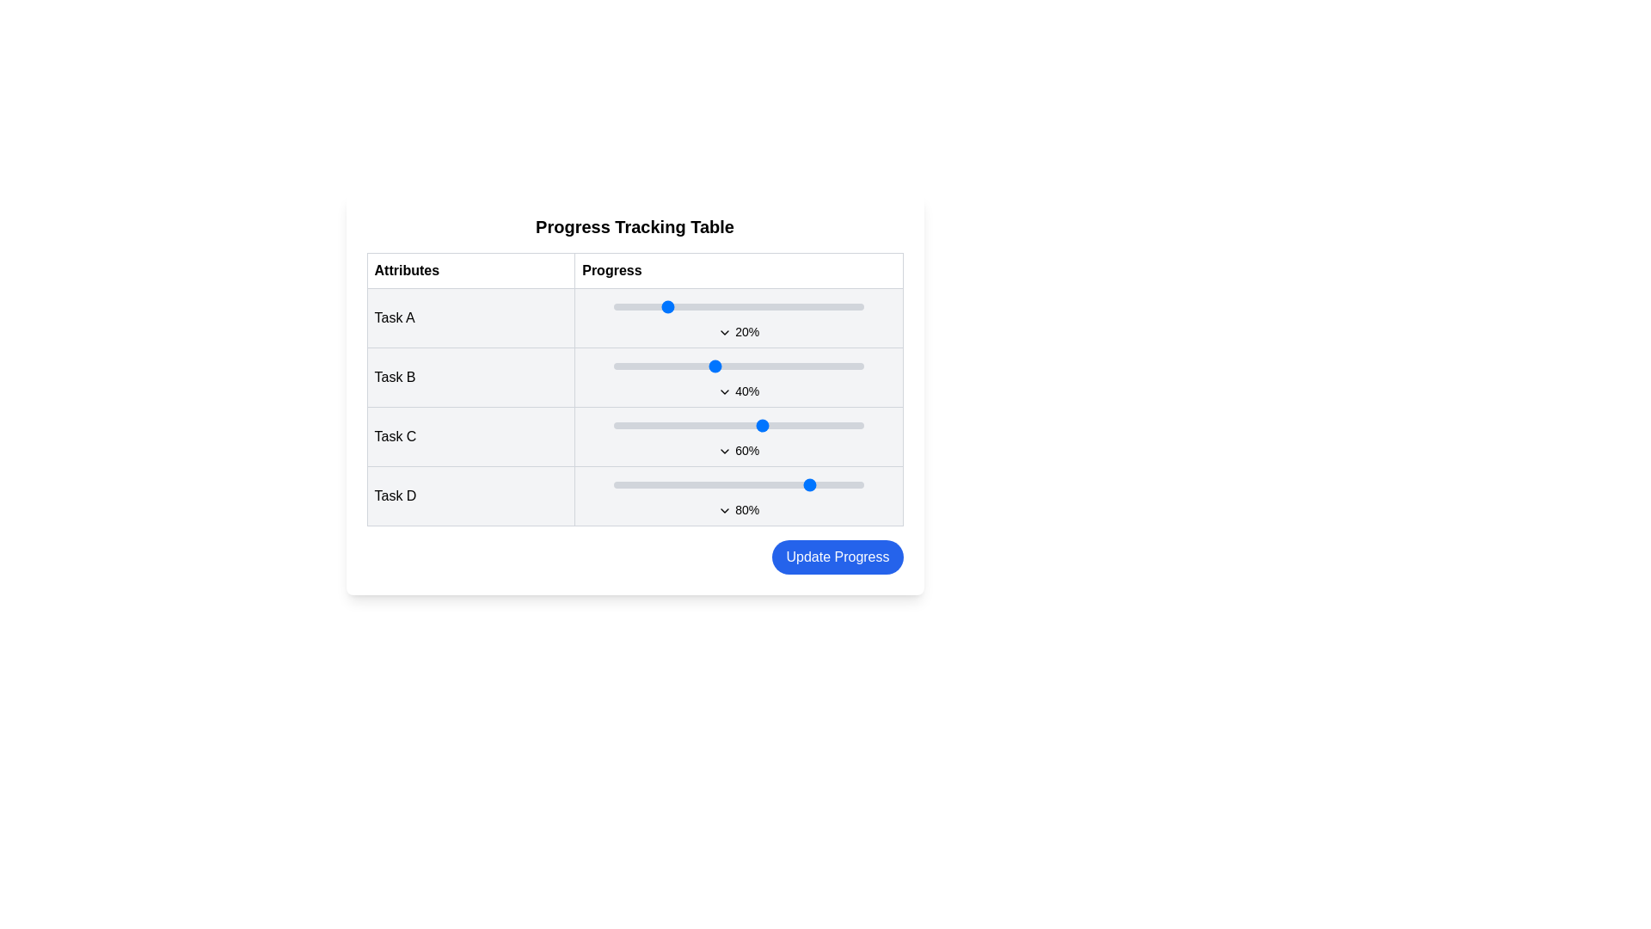  What do you see at coordinates (630, 365) in the screenshot?
I see `progress` at bounding box center [630, 365].